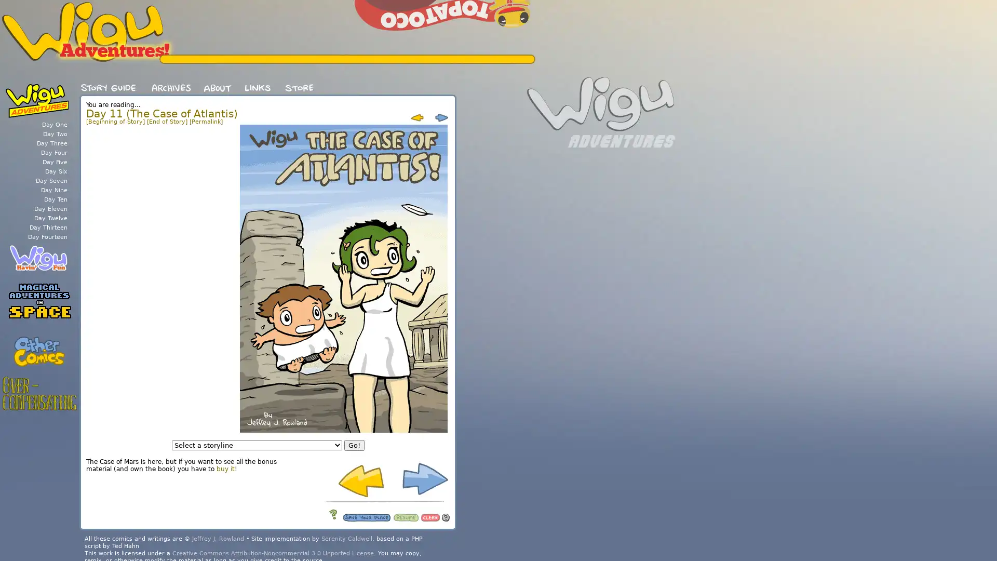 Image resolution: width=997 pixels, height=561 pixels. What do you see at coordinates (354, 445) in the screenshot?
I see `Go!` at bounding box center [354, 445].